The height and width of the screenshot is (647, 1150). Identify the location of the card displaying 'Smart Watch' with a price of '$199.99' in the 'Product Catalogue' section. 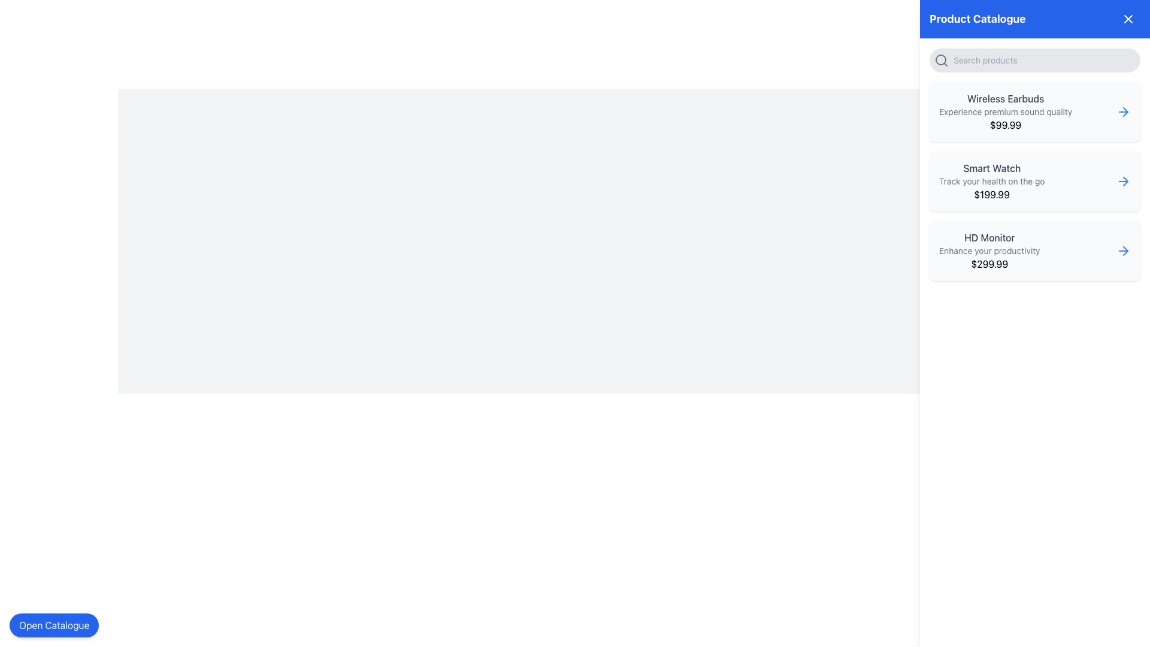
(1034, 182).